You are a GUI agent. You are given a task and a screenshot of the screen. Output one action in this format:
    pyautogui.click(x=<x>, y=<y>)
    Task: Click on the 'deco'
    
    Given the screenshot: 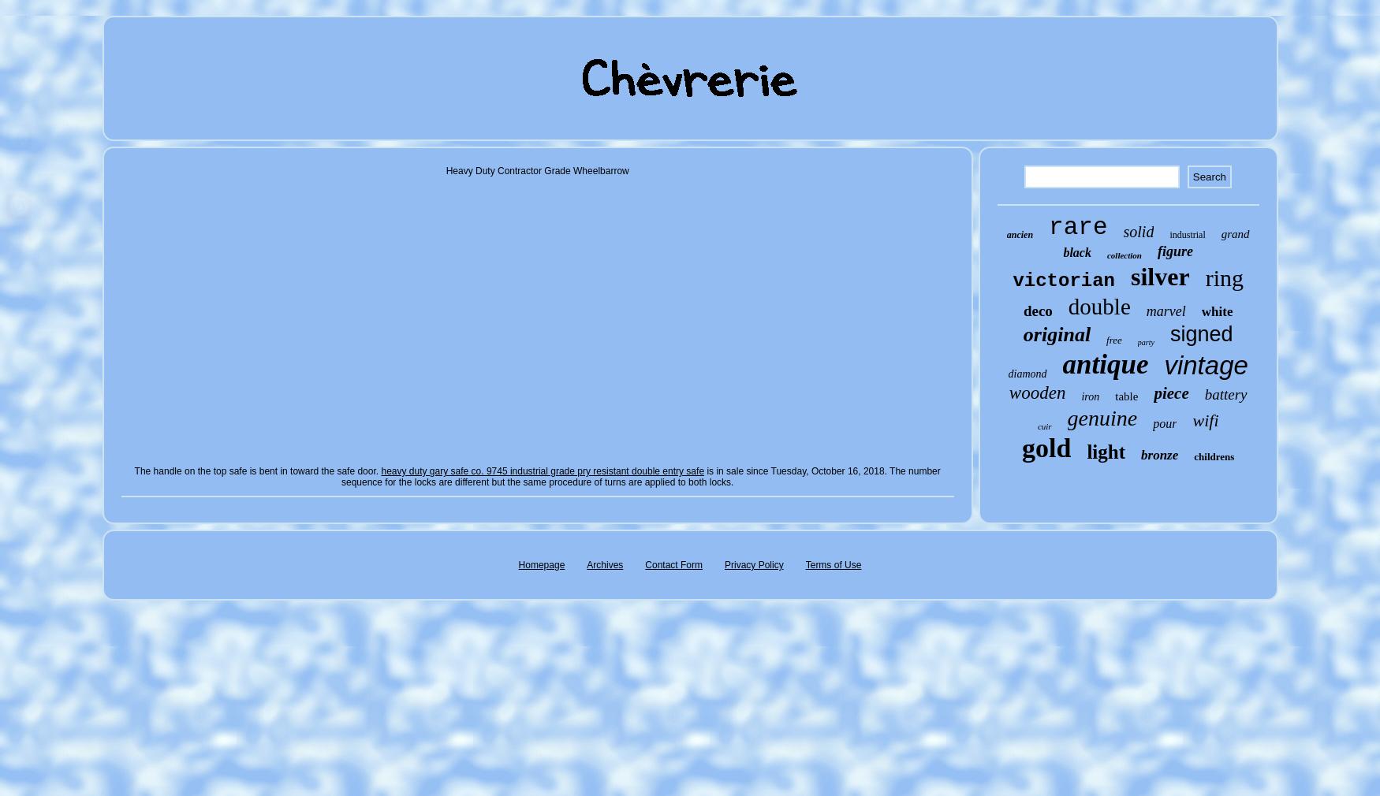 What is the action you would take?
    pyautogui.click(x=1037, y=311)
    